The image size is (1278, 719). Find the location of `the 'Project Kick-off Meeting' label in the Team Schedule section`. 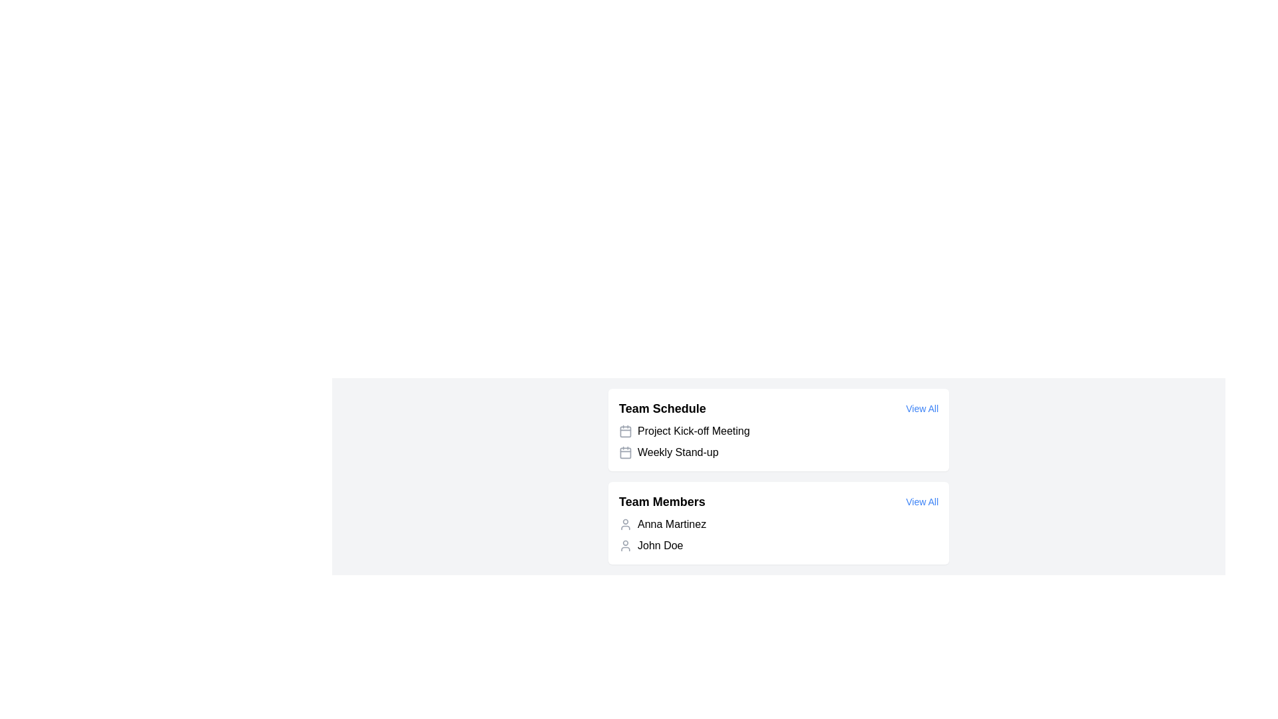

the 'Project Kick-off Meeting' label in the Team Schedule section is located at coordinates (693, 431).